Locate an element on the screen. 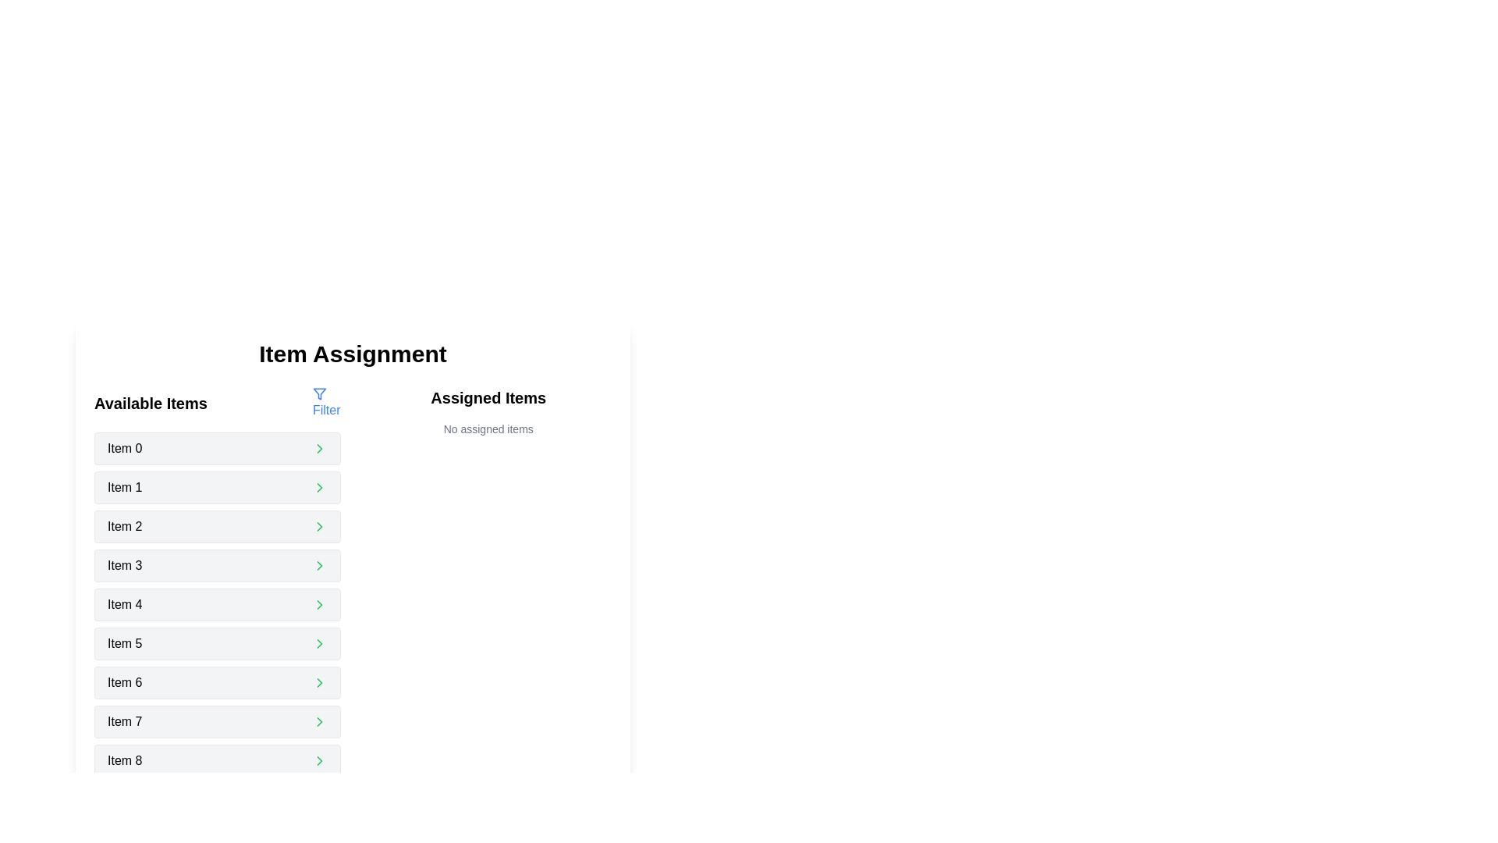 This screenshot has height=843, width=1498. the right-pointing chevron icon located at the end of the list item labeled 'Item 1' is located at coordinates (318, 486).